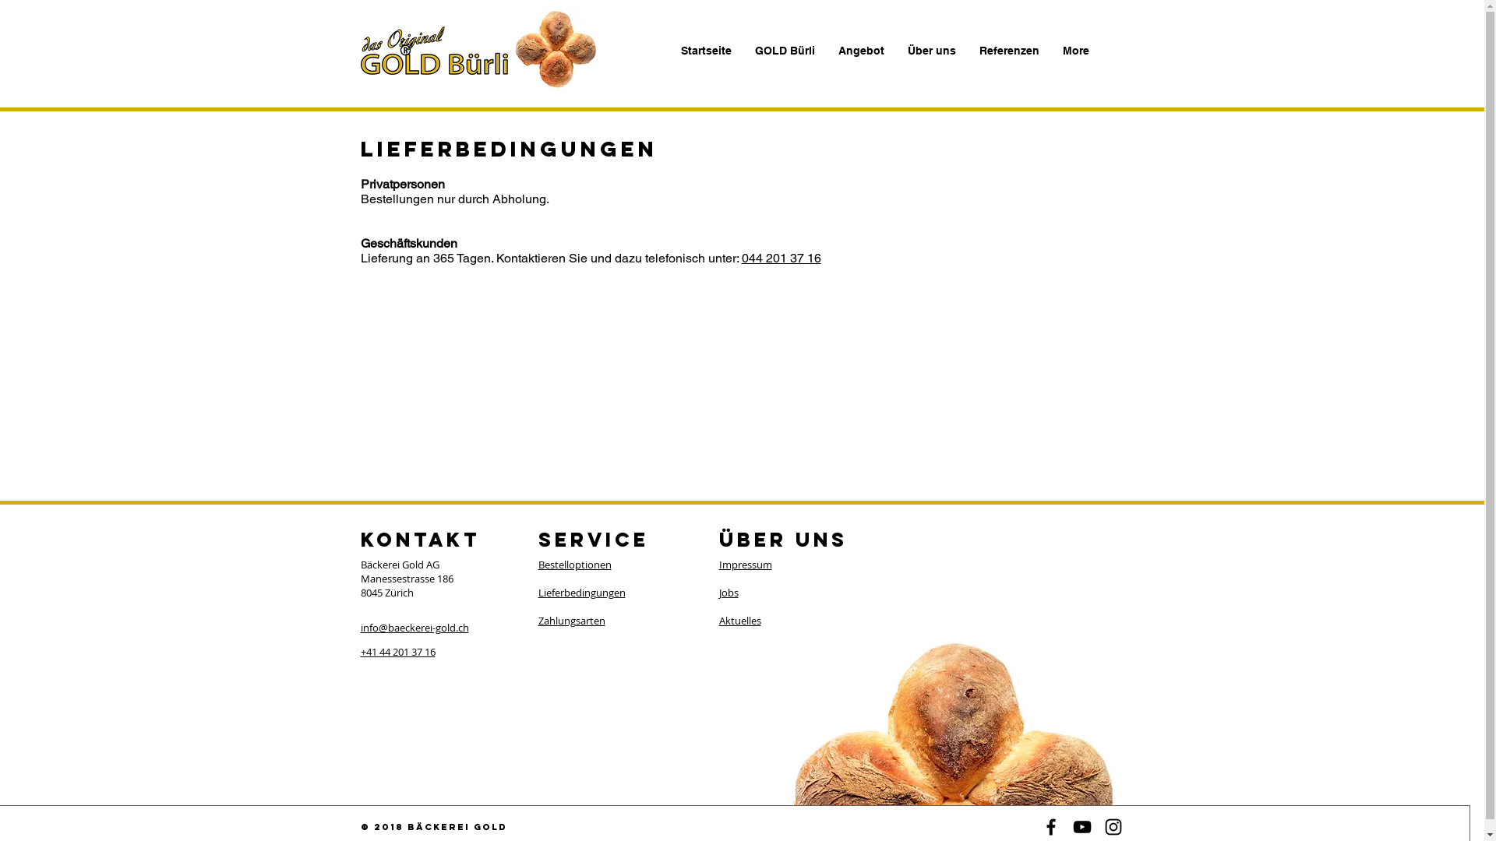 This screenshot has height=841, width=1496. What do you see at coordinates (570, 620) in the screenshot?
I see `'Zahlungsarten'` at bounding box center [570, 620].